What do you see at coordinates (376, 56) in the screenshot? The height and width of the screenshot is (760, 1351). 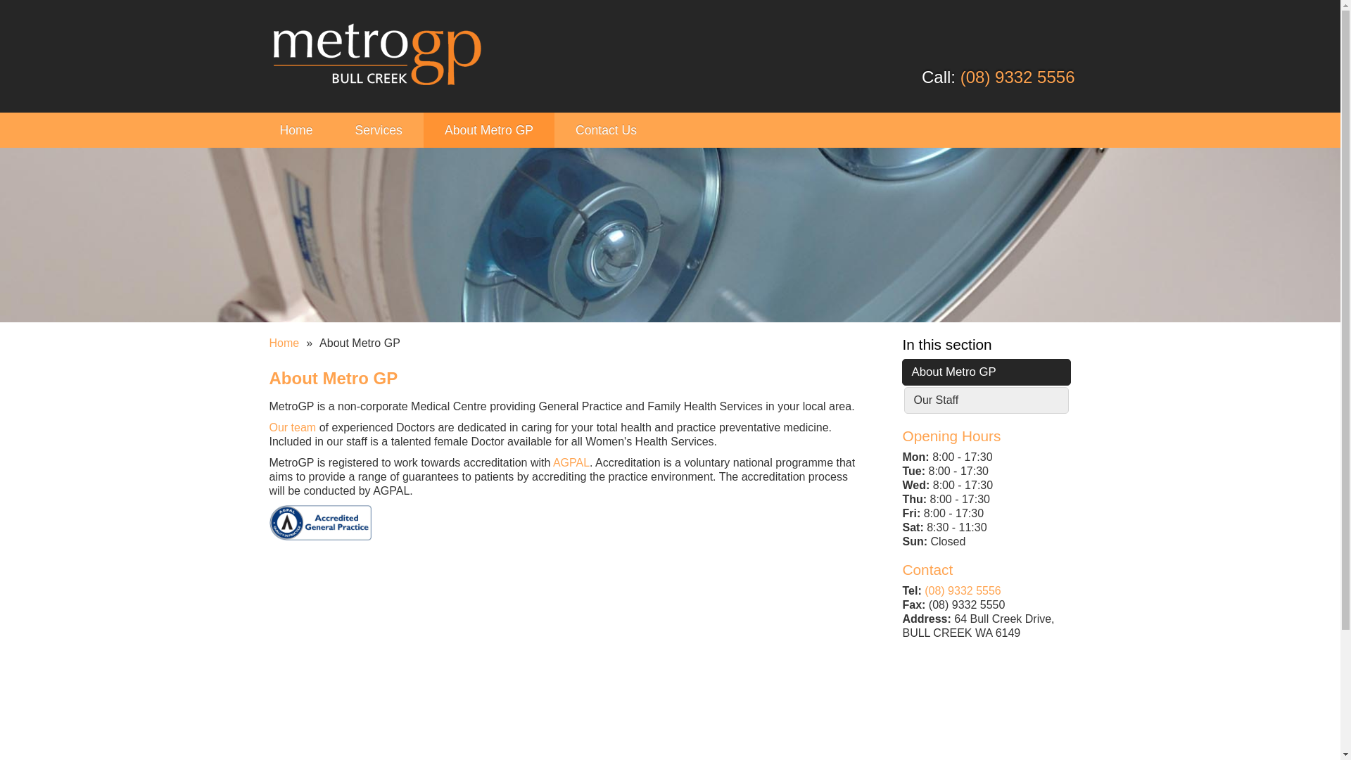 I see `'Metro GP'` at bounding box center [376, 56].